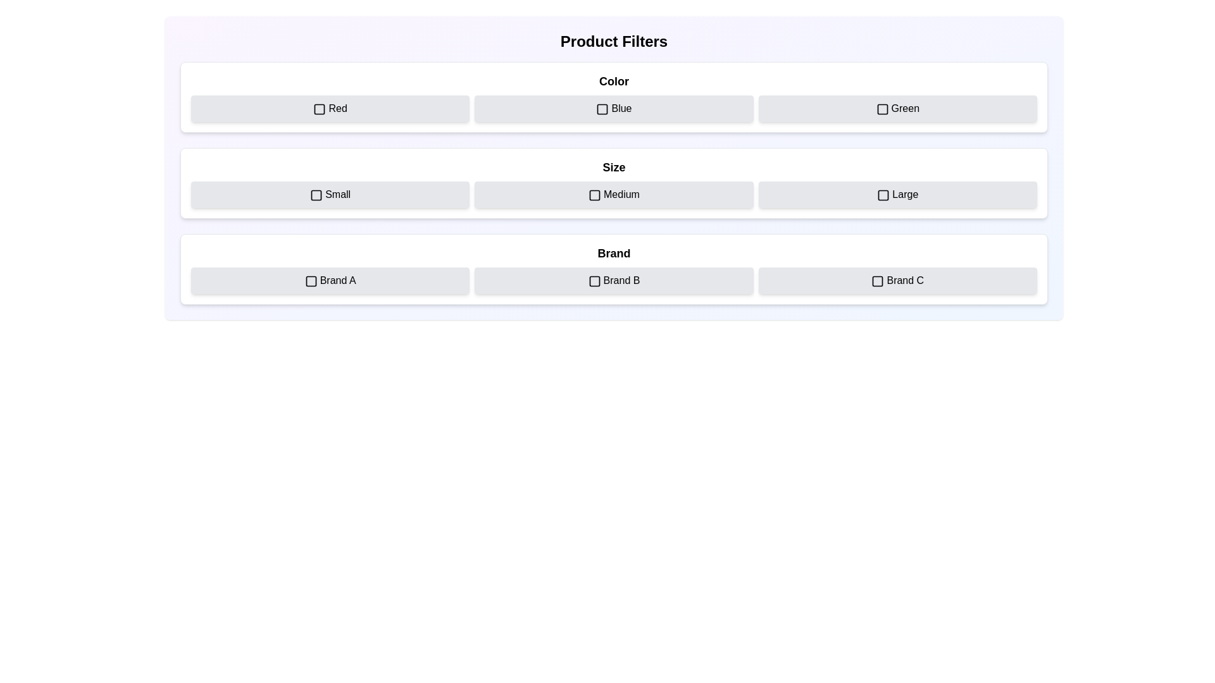 The width and height of the screenshot is (1215, 683). What do you see at coordinates (594, 280) in the screenshot?
I see `the Checkbox graphical indicator for the Brand B filter, which is a square shape with rounded corners located inside the checkbox for the Brand B label` at bounding box center [594, 280].